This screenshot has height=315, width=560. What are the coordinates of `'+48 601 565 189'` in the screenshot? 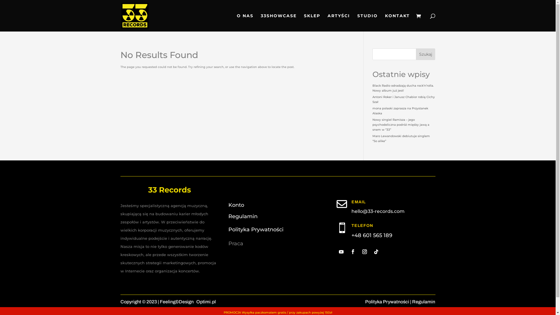 It's located at (372, 235).